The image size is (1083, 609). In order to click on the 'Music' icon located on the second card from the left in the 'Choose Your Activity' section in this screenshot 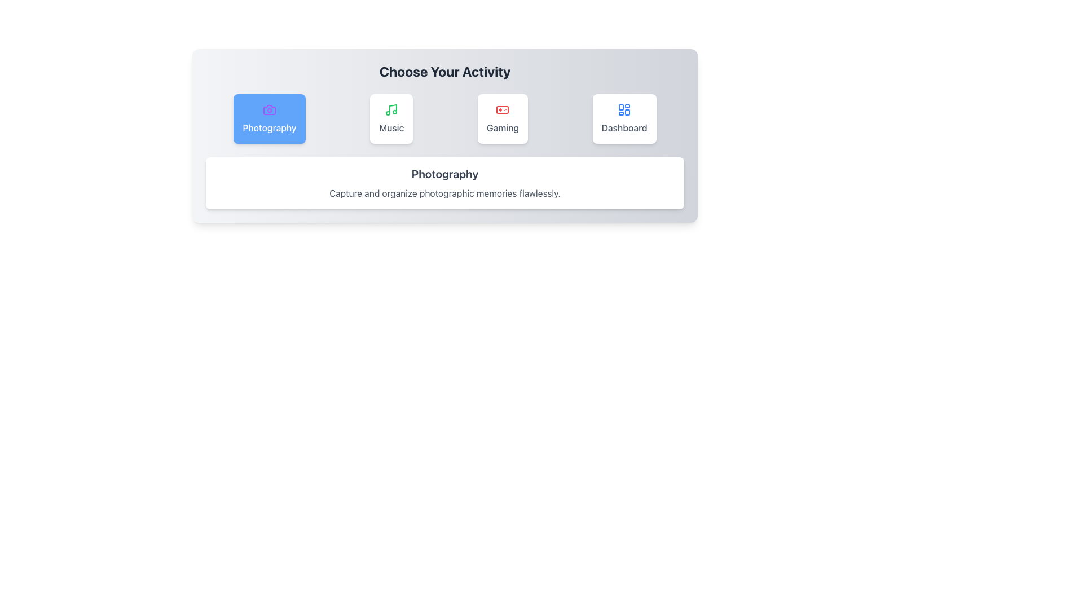, I will do `click(391, 110)`.